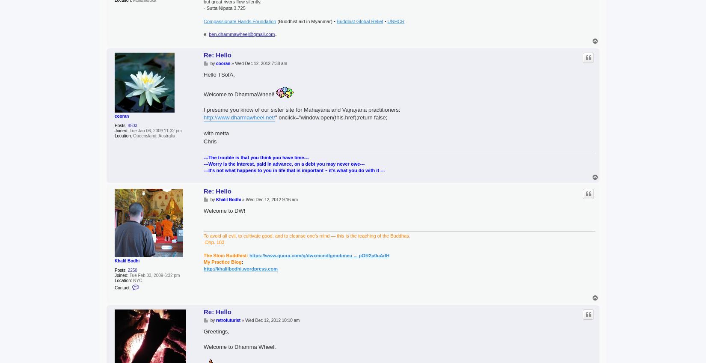 This screenshot has width=706, height=363. Describe the element at coordinates (153, 135) in the screenshot. I see `'Queensland, Australia'` at that location.